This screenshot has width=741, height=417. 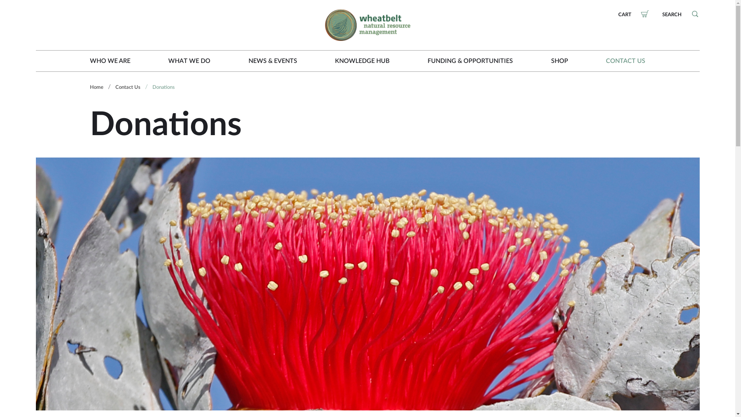 What do you see at coordinates (114, 87) in the screenshot?
I see `'Contact Us'` at bounding box center [114, 87].